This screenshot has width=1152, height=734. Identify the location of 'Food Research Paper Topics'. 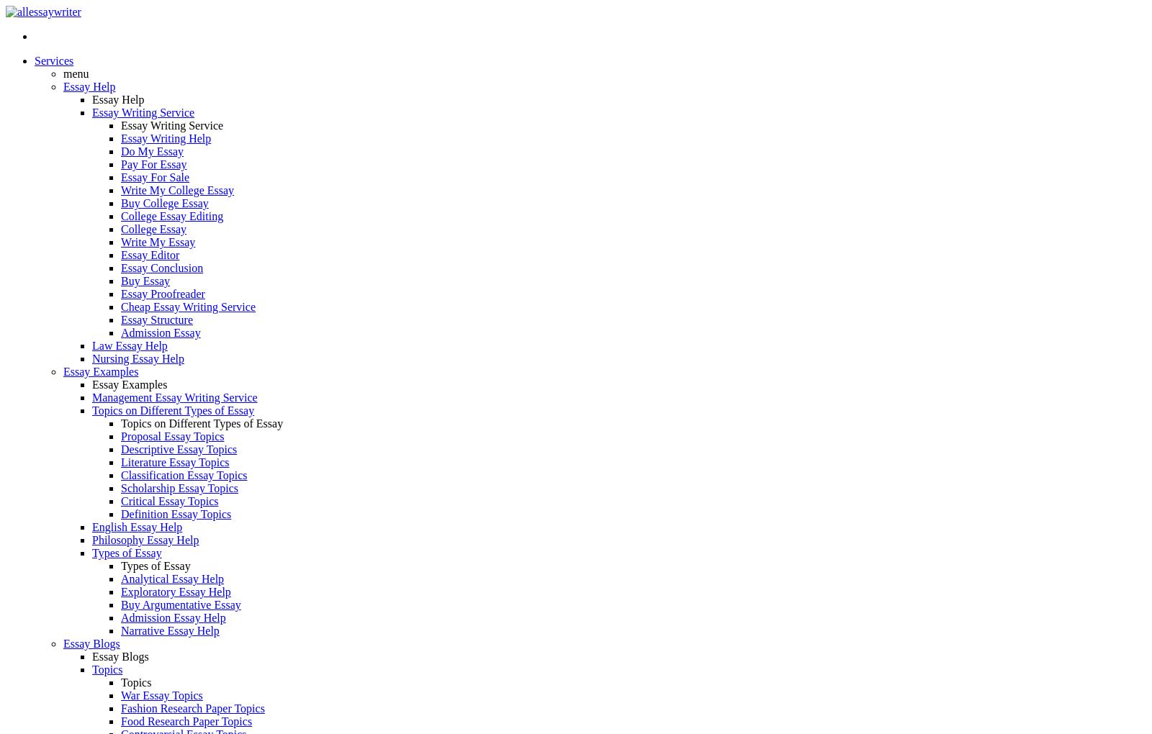
(186, 721).